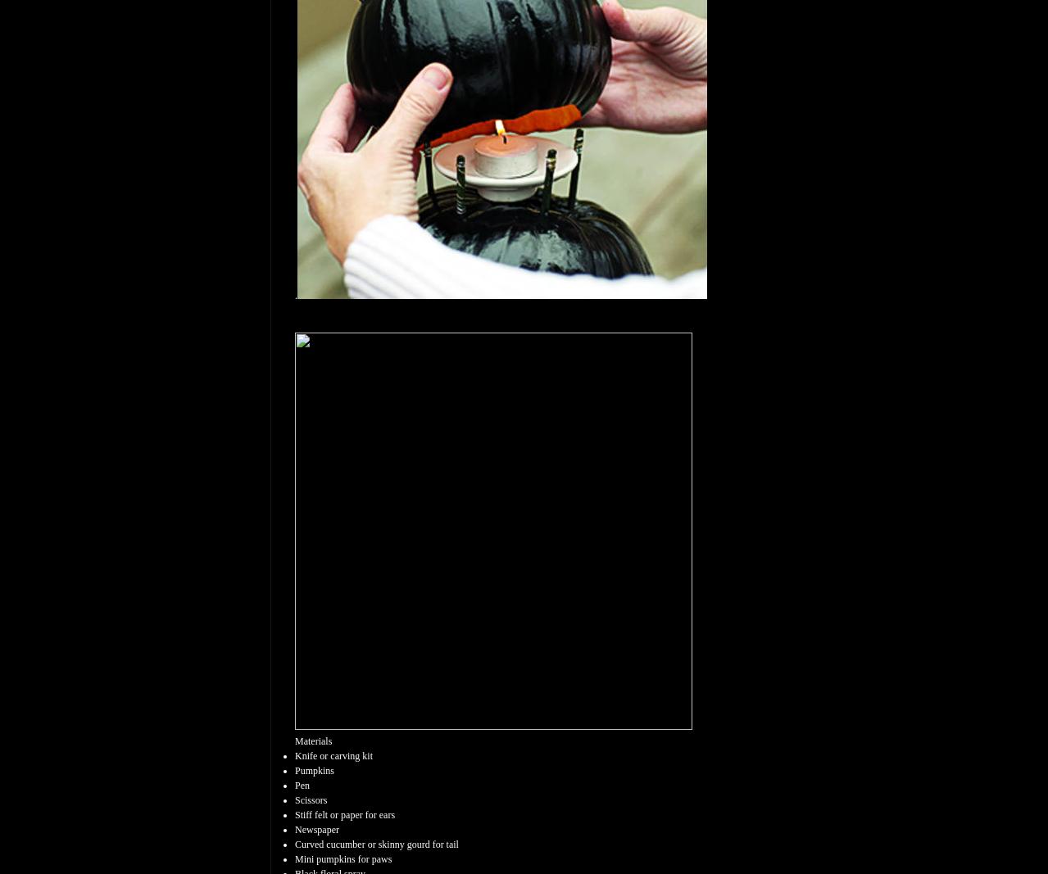 The image size is (1048, 874). Describe the element at coordinates (344, 814) in the screenshot. I see `'Stiff felt or paper for ears'` at that location.